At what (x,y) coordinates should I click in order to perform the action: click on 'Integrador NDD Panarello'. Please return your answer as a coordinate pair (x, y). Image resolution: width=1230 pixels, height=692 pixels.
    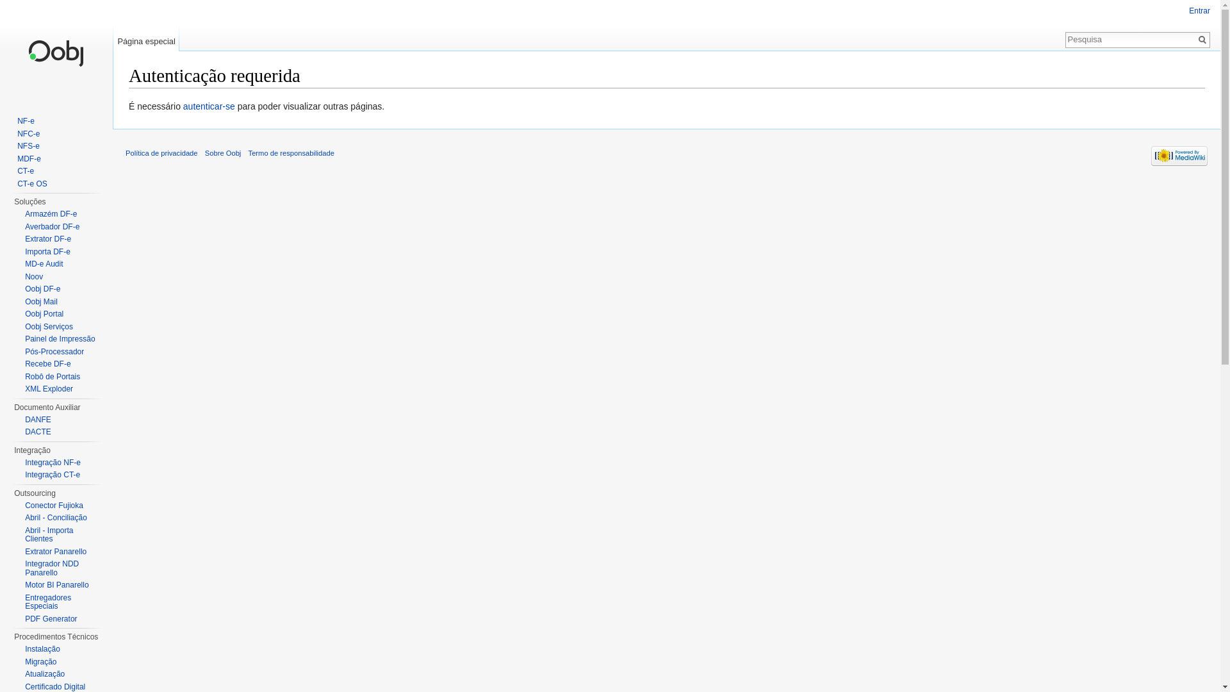
    Looking at the image, I should click on (51, 568).